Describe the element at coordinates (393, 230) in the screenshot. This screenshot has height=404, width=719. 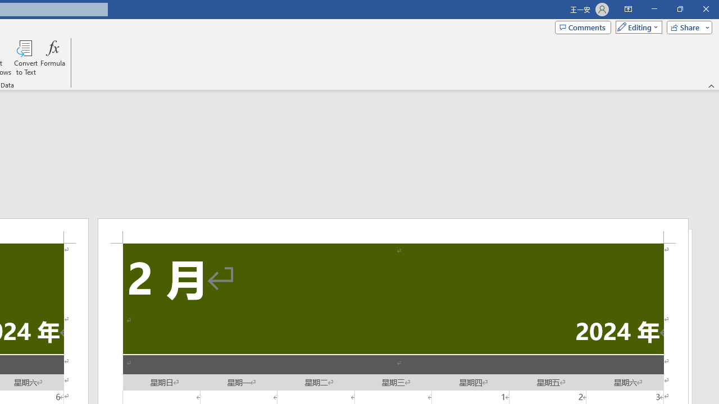
I see `'Header -Section 2-'` at that location.